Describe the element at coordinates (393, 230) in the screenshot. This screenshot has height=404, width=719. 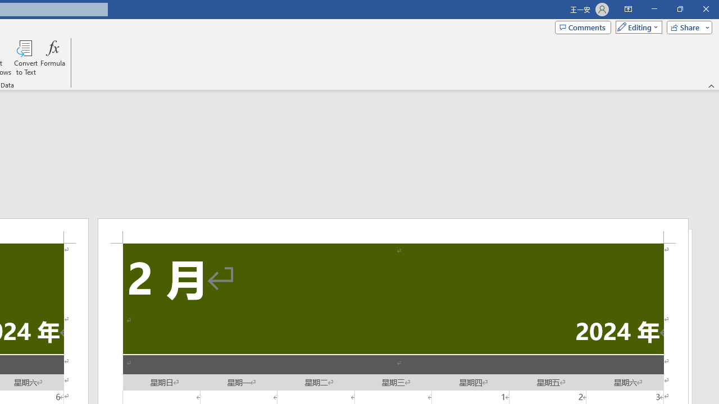
I see `'Header -Section 2-'` at that location.